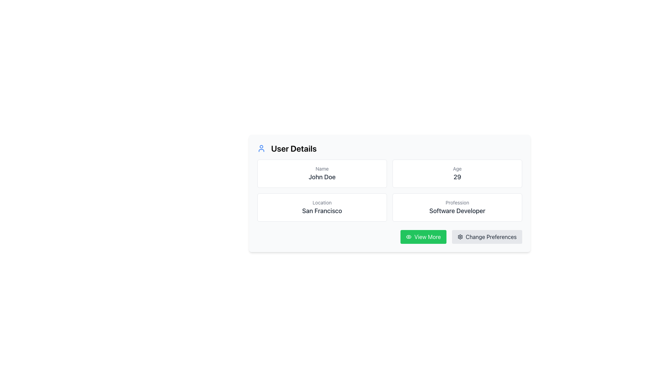 This screenshot has width=664, height=373. I want to click on the Static Information Card displaying the geographical location 'San Francisco', located in the lower-left corner of the card grid, so click(322, 207).